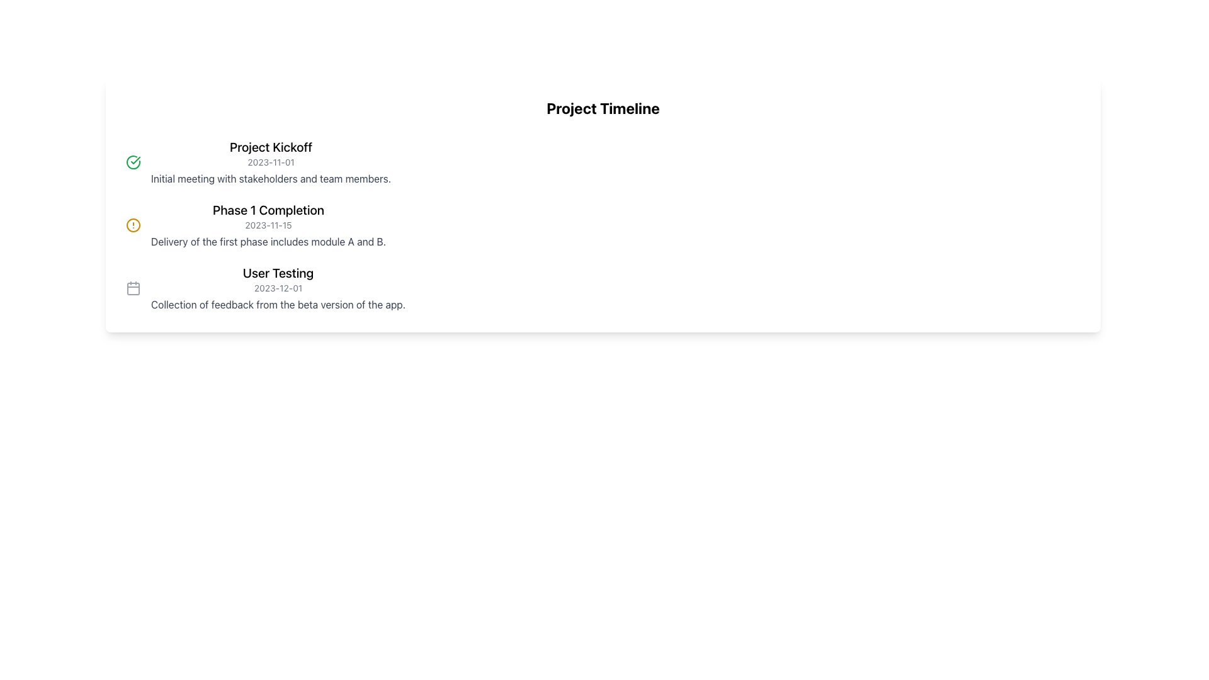 This screenshot has width=1209, height=680. Describe the element at coordinates (133, 288) in the screenshot. I see `the small calendar icon located to the left of the text 'User Testing', which is styled in muted gray with a grid-like structure` at that location.